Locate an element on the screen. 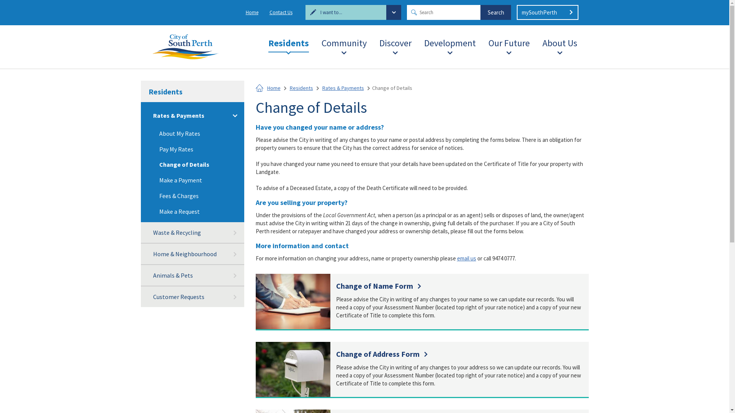  'Fees & Charges' is located at coordinates (193, 195).